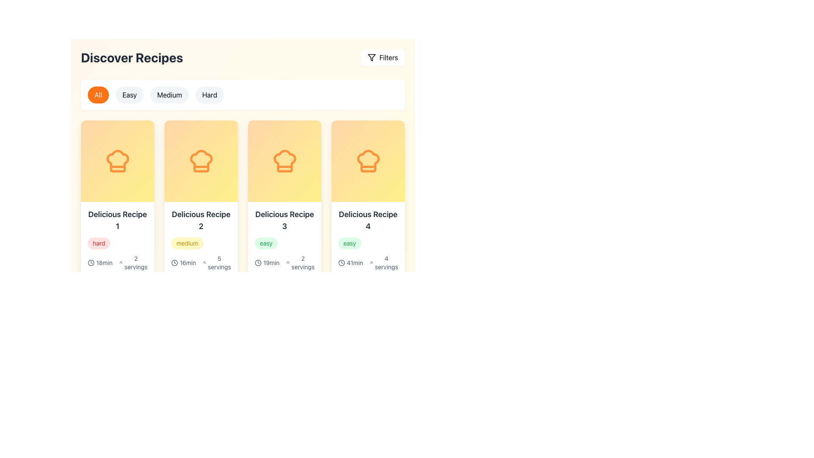 The height and width of the screenshot is (458, 814). What do you see at coordinates (117, 161) in the screenshot?
I see `the decorative icon with a gradient background featuring an orange chef hat icon, located at the top of the first recipe card titled 'Delicious Recipe 1'` at bounding box center [117, 161].